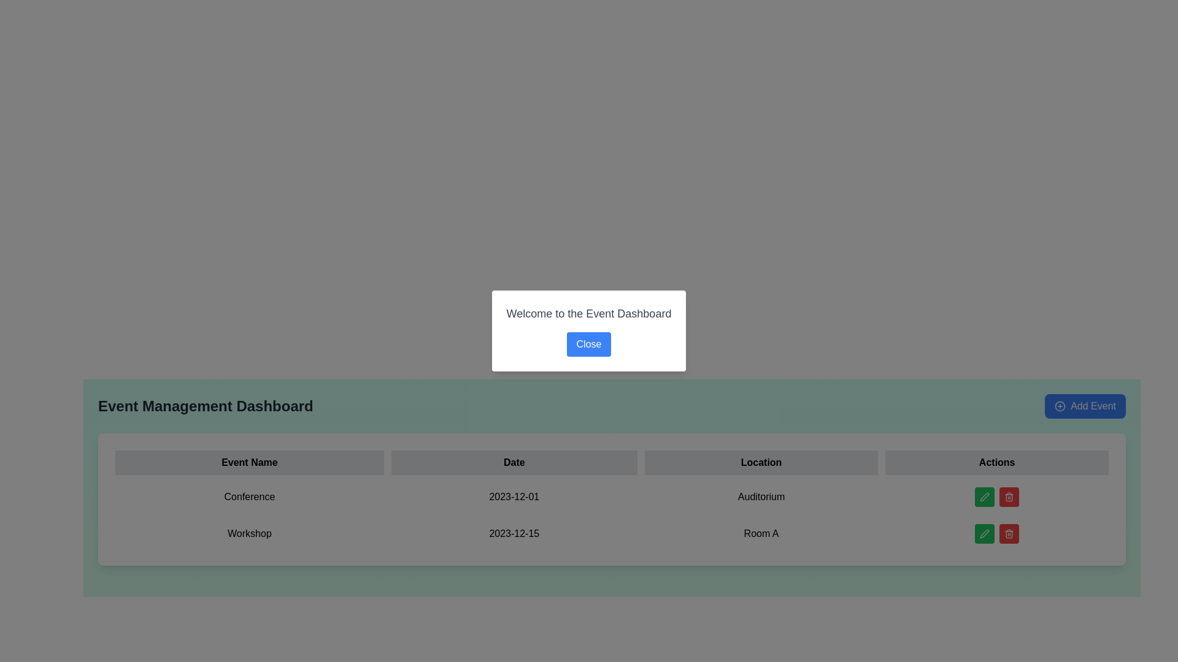  Describe the element at coordinates (248, 533) in the screenshot. I see `the text label displaying 'Workshop' located in the second row under the 'Event Name' column in the table layout` at that location.